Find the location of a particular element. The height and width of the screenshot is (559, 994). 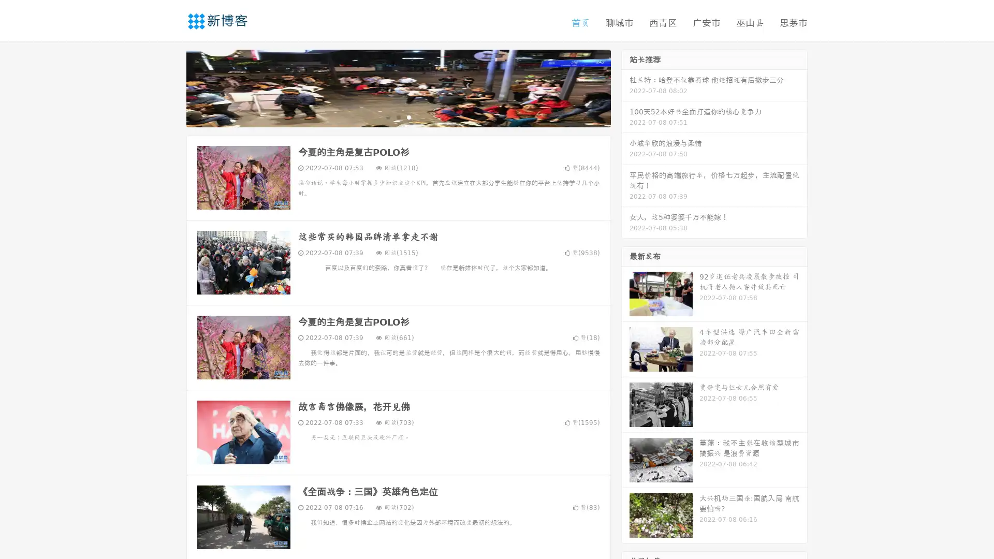

Previous slide is located at coordinates (171, 87).